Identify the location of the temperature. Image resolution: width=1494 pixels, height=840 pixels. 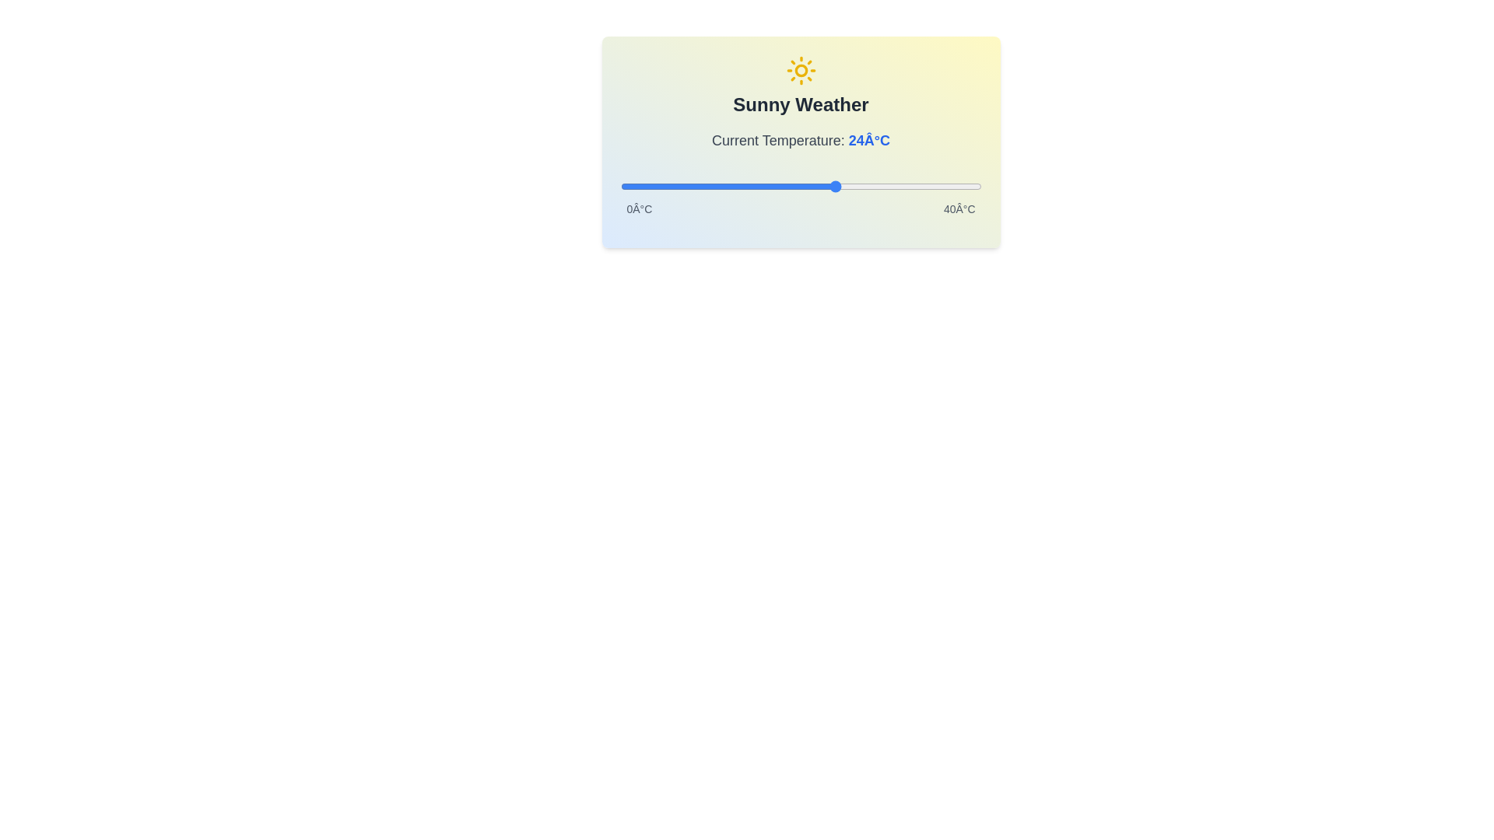
(935, 185).